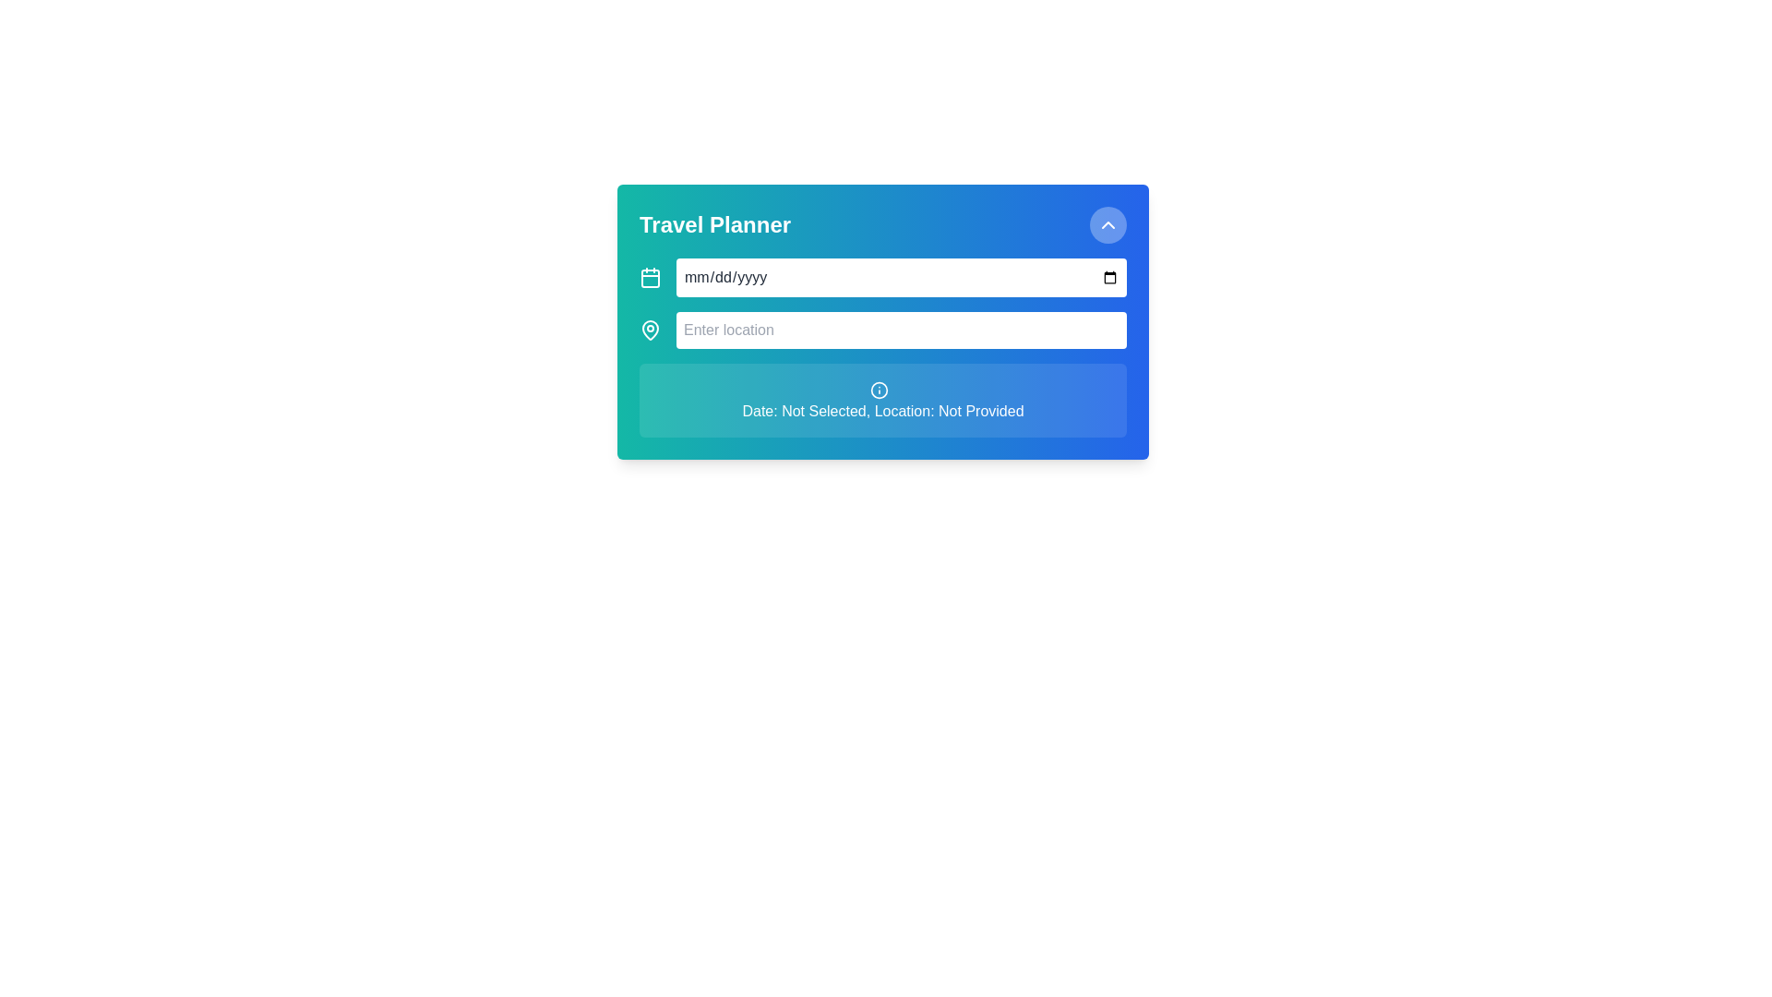 The width and height of the screenshot is (1772, 997). I want to click on the location icon positioned to the left of the 'Enter location' input field, which visually indicates that the input field is for specifying a location, so click(651, 330).